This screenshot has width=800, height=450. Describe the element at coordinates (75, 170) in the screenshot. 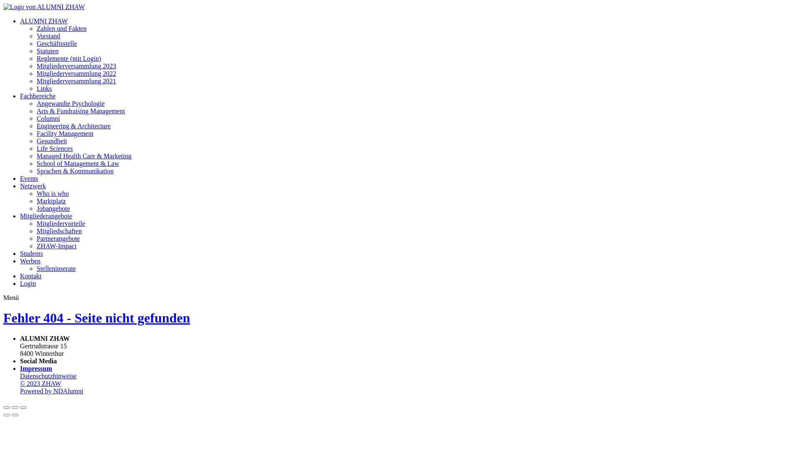

I see `'Sprachen & Kommunikation'` at that location.